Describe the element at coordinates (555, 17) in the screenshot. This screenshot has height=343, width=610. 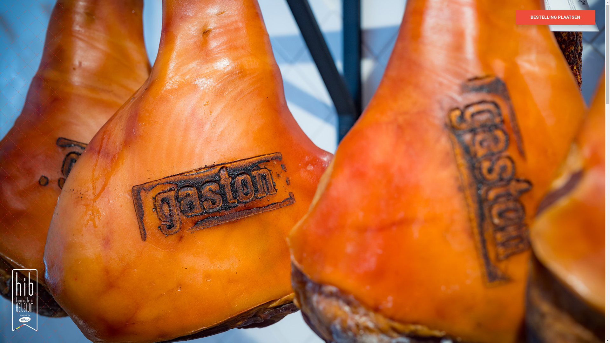
I see `'BESTELLING PLAATSEN'` at that location.